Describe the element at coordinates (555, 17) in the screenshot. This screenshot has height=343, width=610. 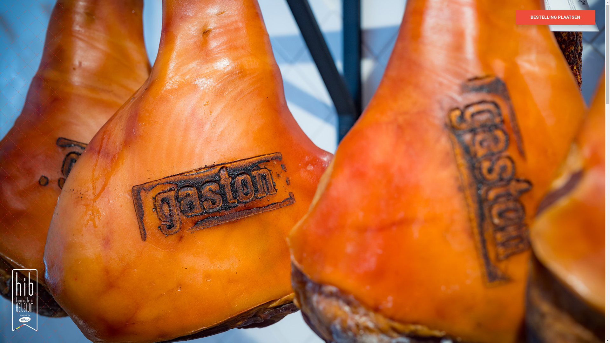
I see `'BESTELLING PLAATSEN'` at that location.